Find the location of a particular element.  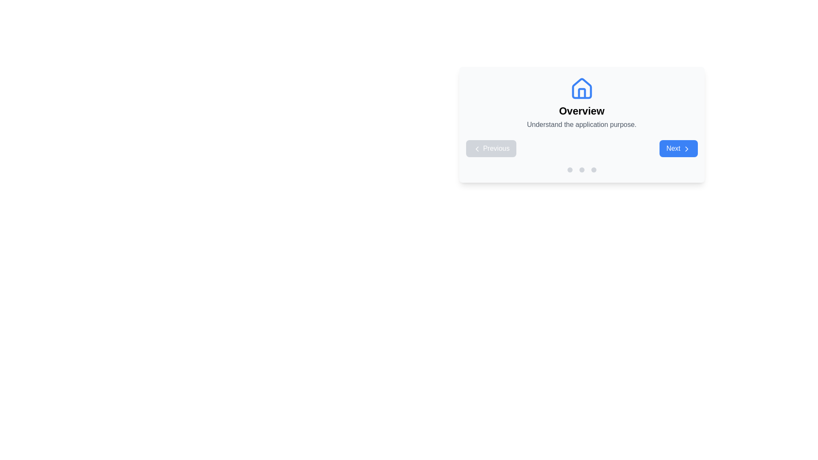

the door element, which is a vertical rectangular segment within the house-shaped icon located at the center of the blue-outlined house above the 'Overview' label is located at coordinates (581, 93).